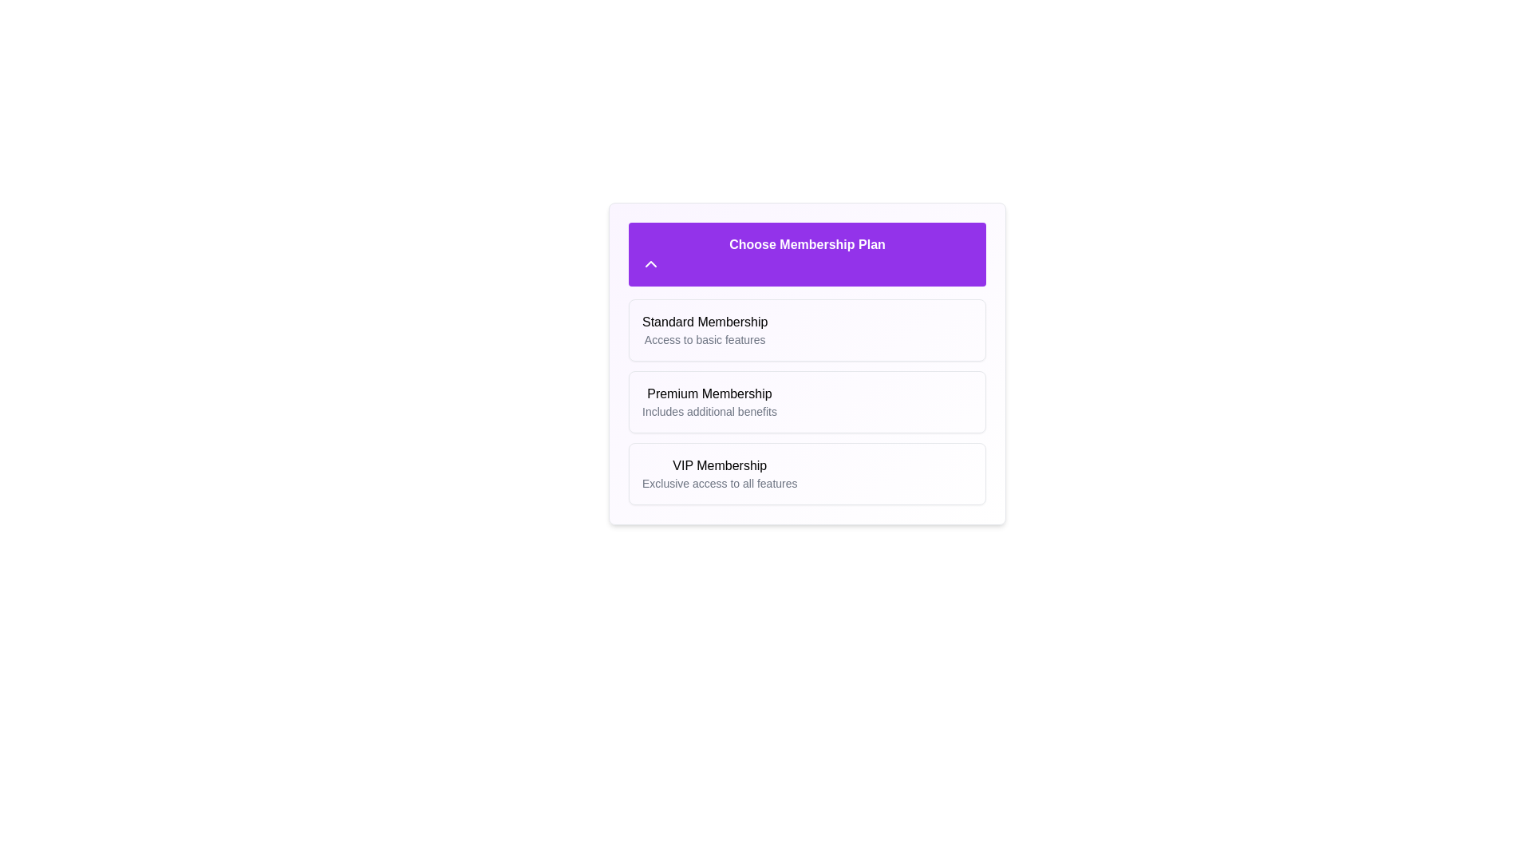 This screenshot has height=862, width=1532. What do you see at coordinates (719, 473) in the screenshot?
I see `the 'VIP Membership' text block, which is located within the third card of the vertical list of membership options, positioned below the 'Premium Membership' card and above further content` at bounding box center [719, 473].